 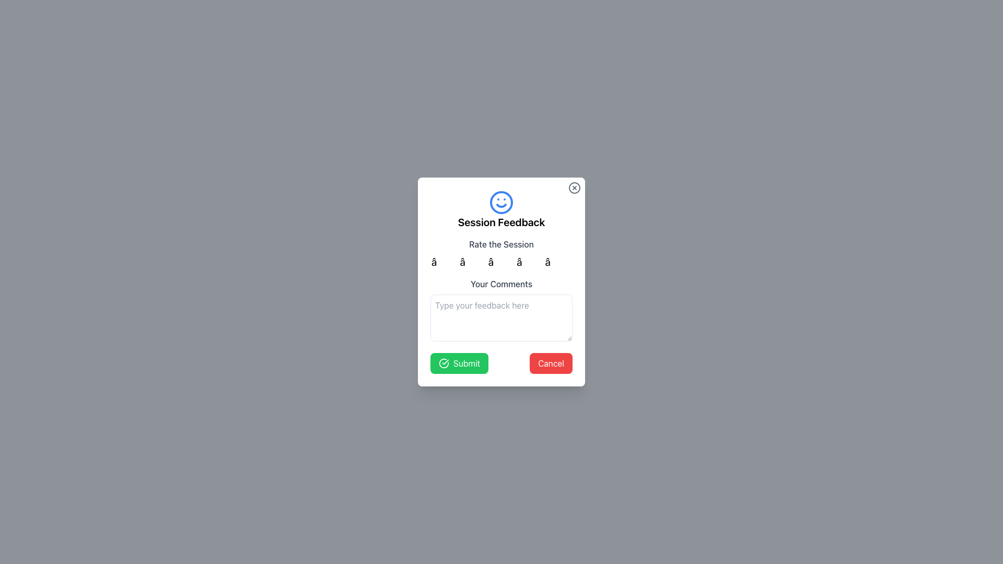 I want to click on the text label that serves as the modal title for user feedback, positioned at the center of the modal's header section below the blue smiling face icon, so click(x=501, y=221).